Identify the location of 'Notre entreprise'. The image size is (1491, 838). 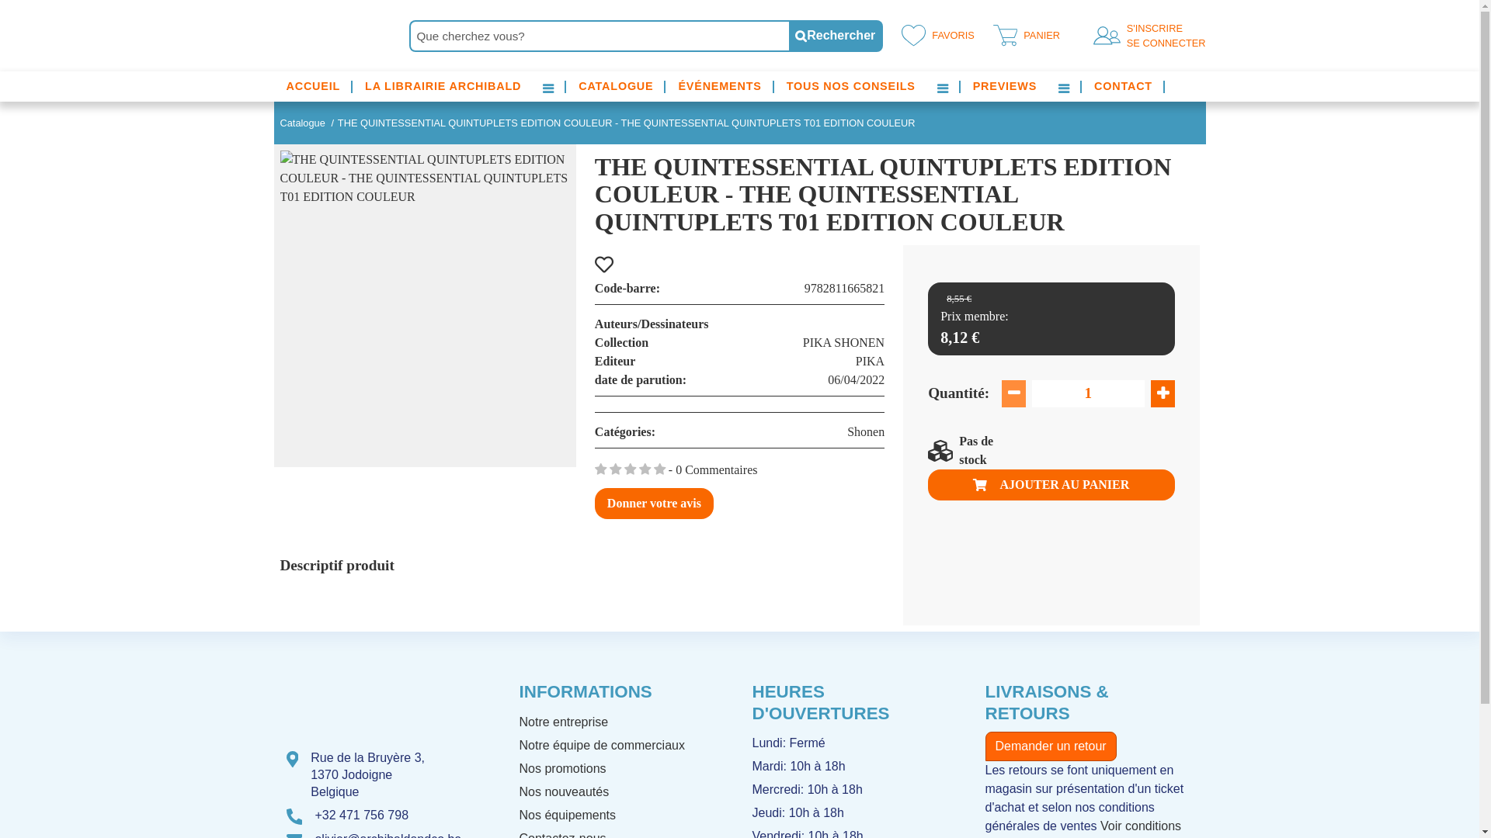
(562, 722).